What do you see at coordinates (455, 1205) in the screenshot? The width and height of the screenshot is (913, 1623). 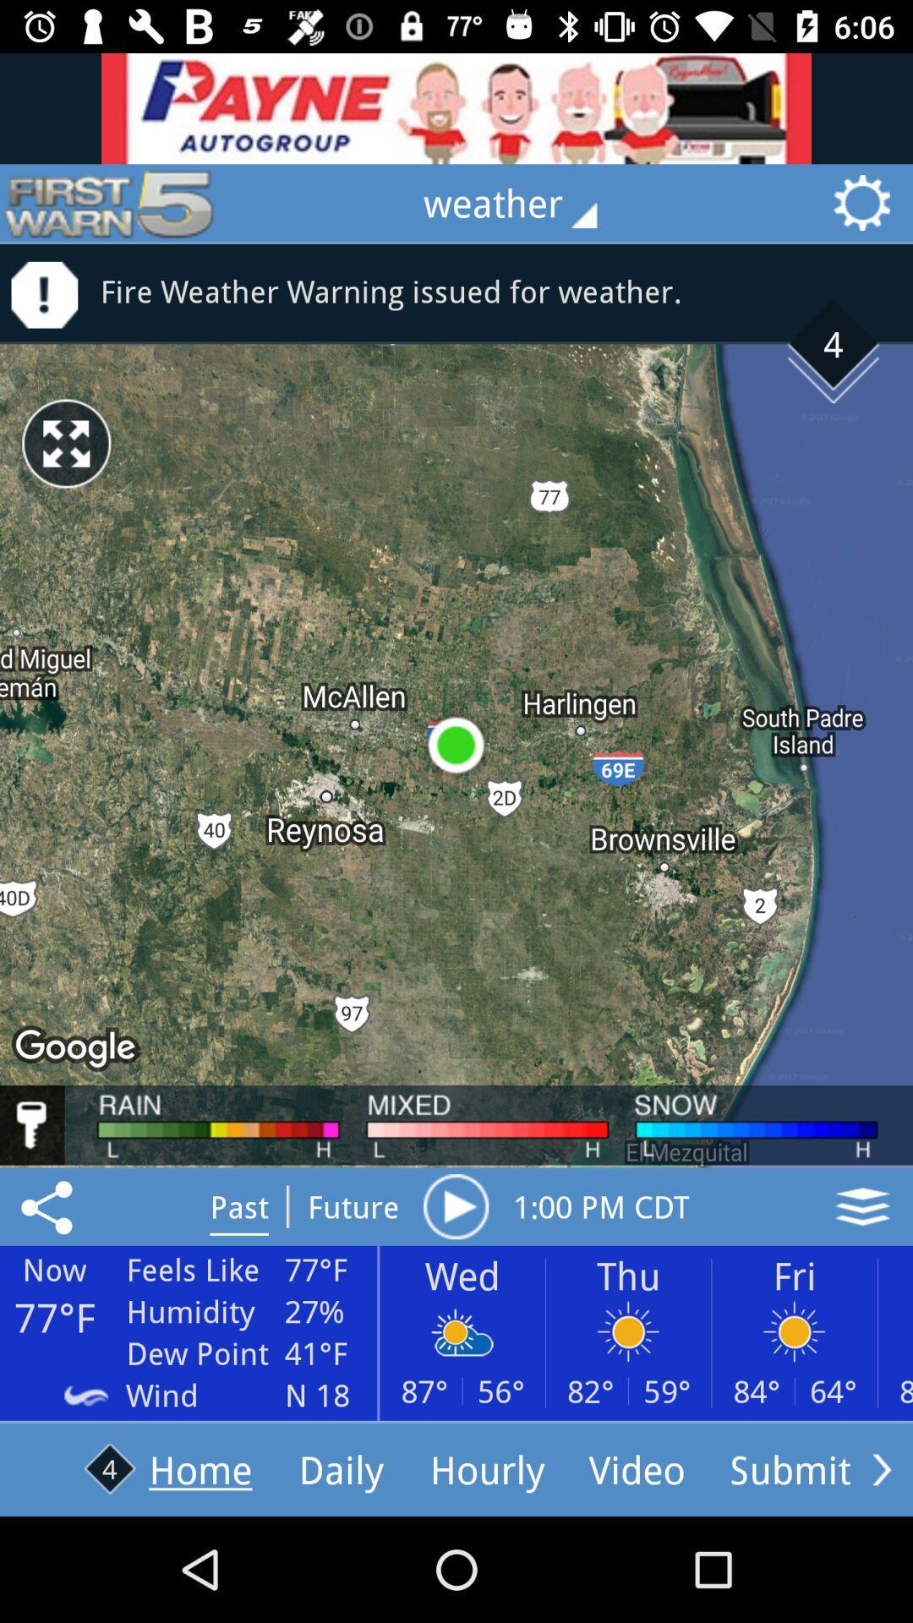 I see `forecast` at bounding box center [455, 1205].